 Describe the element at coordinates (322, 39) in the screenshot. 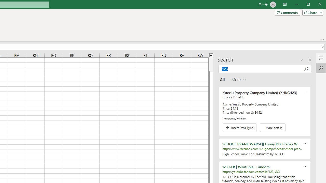

I see `'Collapse the Ribbon'` at that location.